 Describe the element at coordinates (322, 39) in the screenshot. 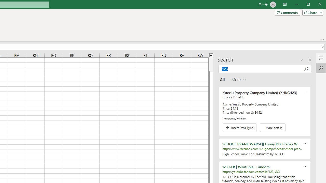

I see `'Collapse the Ribbon'` at that location.